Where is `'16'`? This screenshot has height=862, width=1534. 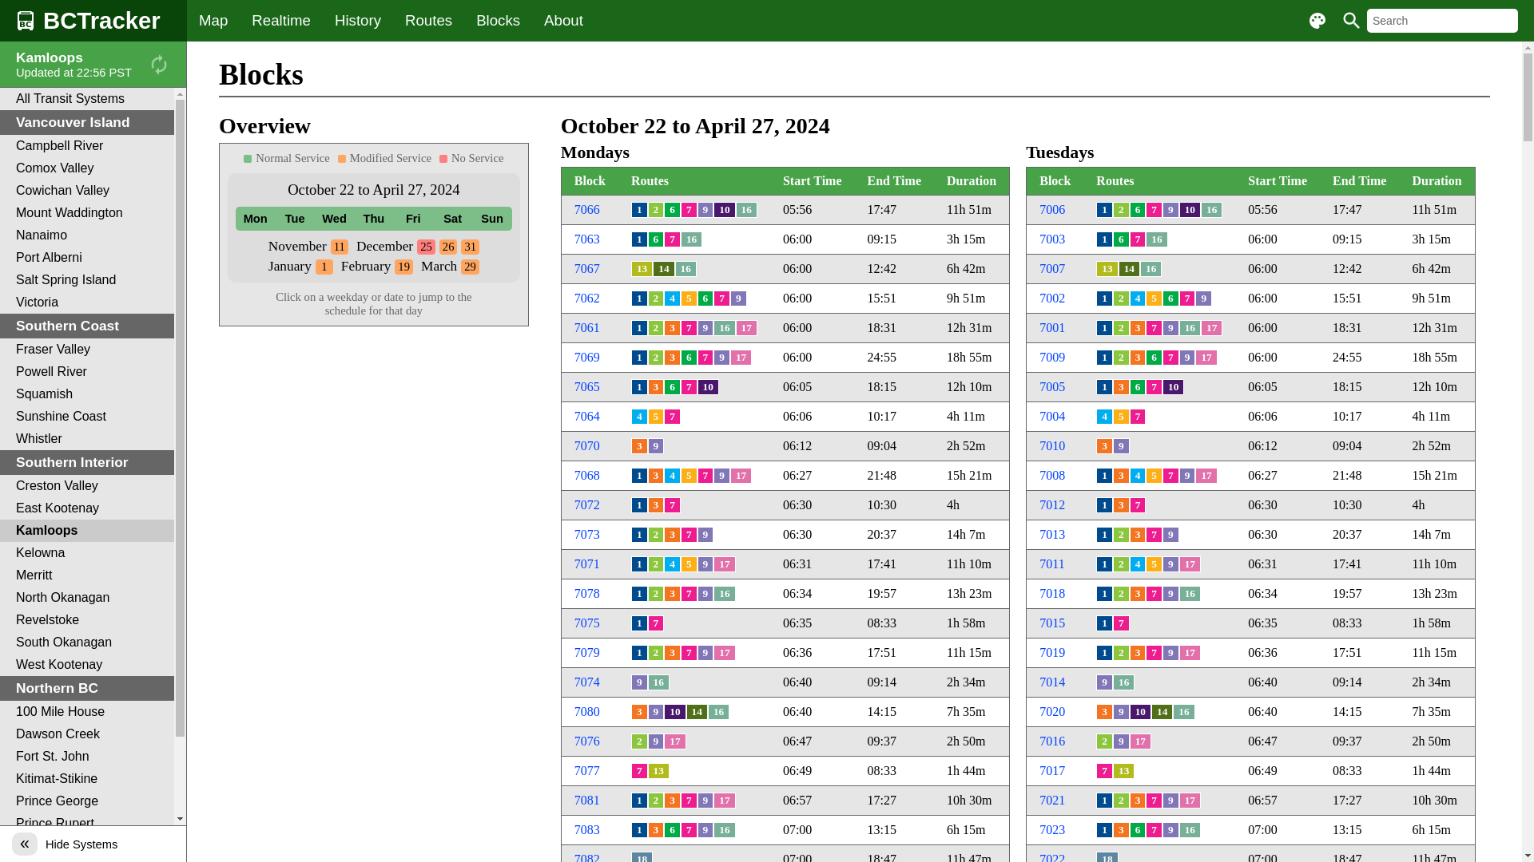
'16' is located at coordinates (1156, 239).